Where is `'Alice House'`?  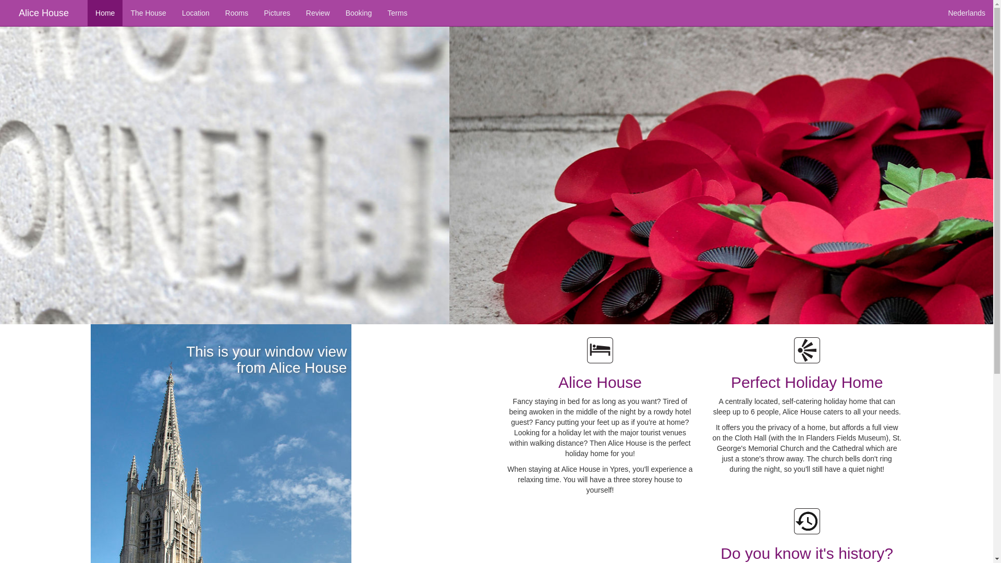 'Alice House' is located at coordinates (43, 13).